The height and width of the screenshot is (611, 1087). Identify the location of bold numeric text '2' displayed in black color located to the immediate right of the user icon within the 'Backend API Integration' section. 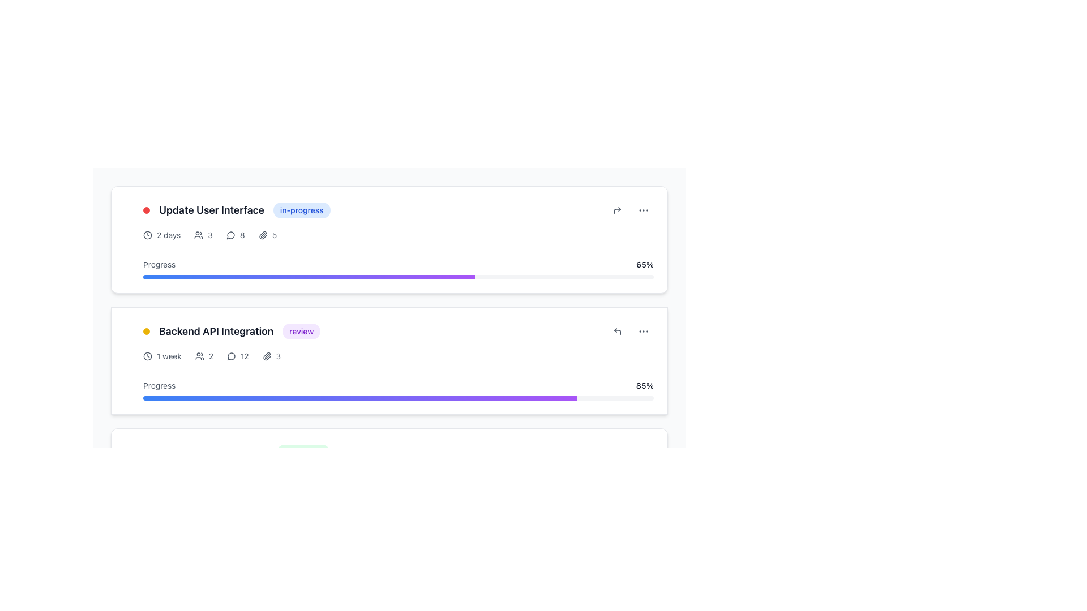
(211, 355).